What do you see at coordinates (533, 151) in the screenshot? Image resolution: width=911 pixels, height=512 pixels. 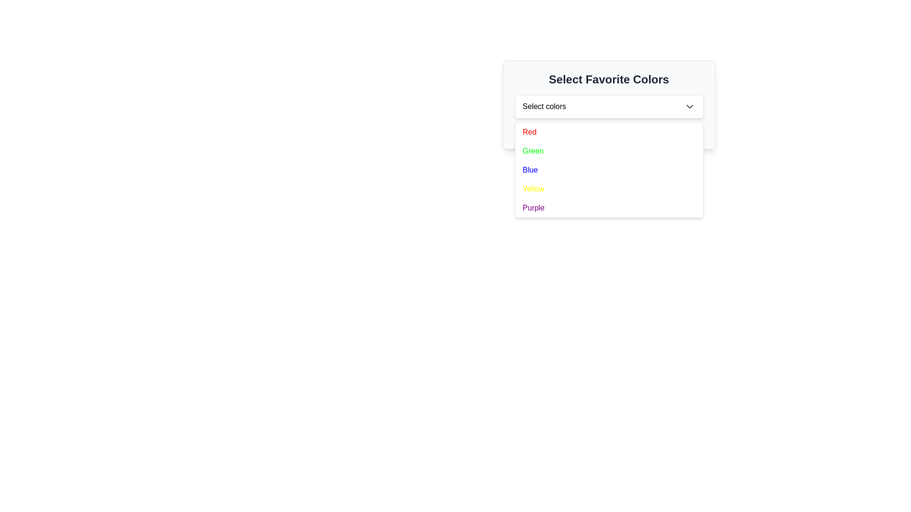 I see `the textual label displaying 'Green' in the dropdown menu titled 'Select Favorite Colors'` at bounding box center [533, 151].